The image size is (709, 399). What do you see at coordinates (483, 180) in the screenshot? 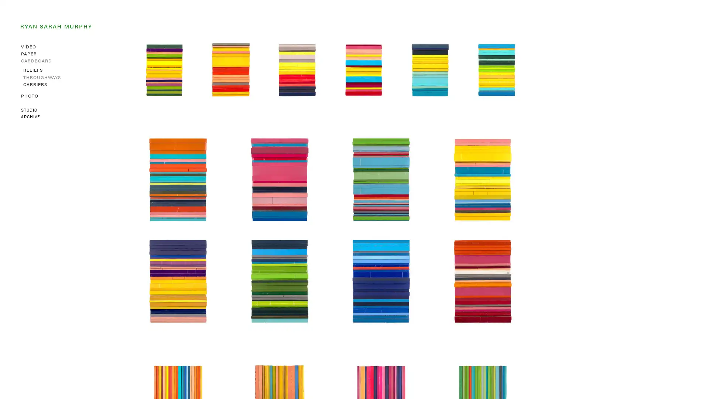
I see `View fullsize Throughway - Yellow (Find) , 2020 Unpainted cardboard and glue on Arches paper 11 x 7.5 inches` at bounding box center [483, 180].